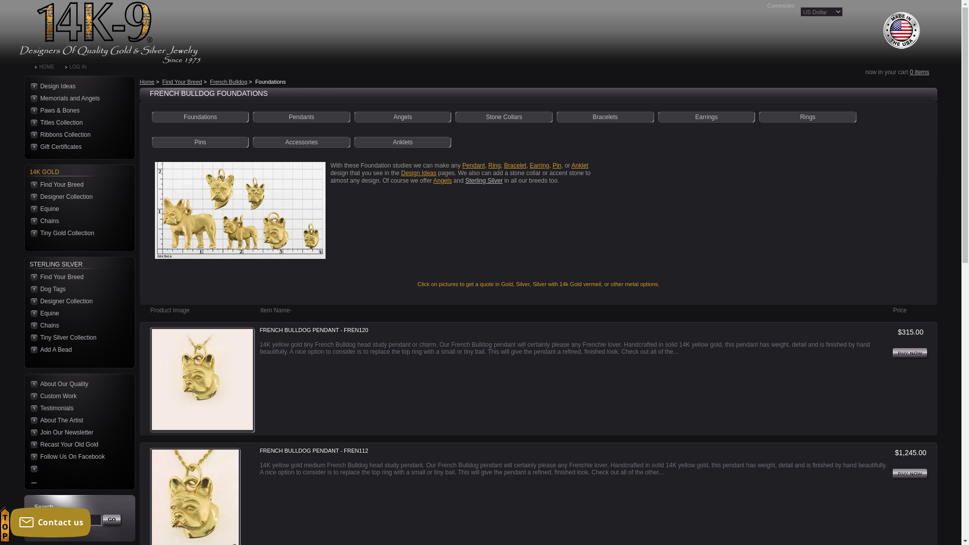 The image size is (969, 545). What do you see at coordinates (76, 408) in the screenshot?
I see `'Testimonials'` at bounding box center [76, 408].